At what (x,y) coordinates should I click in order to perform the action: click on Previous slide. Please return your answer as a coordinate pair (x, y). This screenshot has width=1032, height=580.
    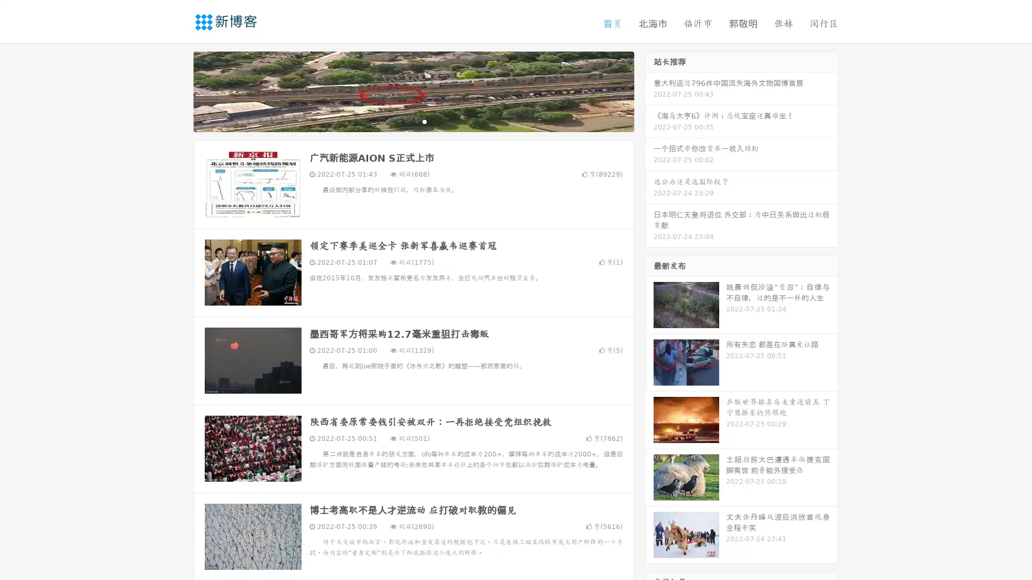
    Looking at the image, I should click on (177, 90).